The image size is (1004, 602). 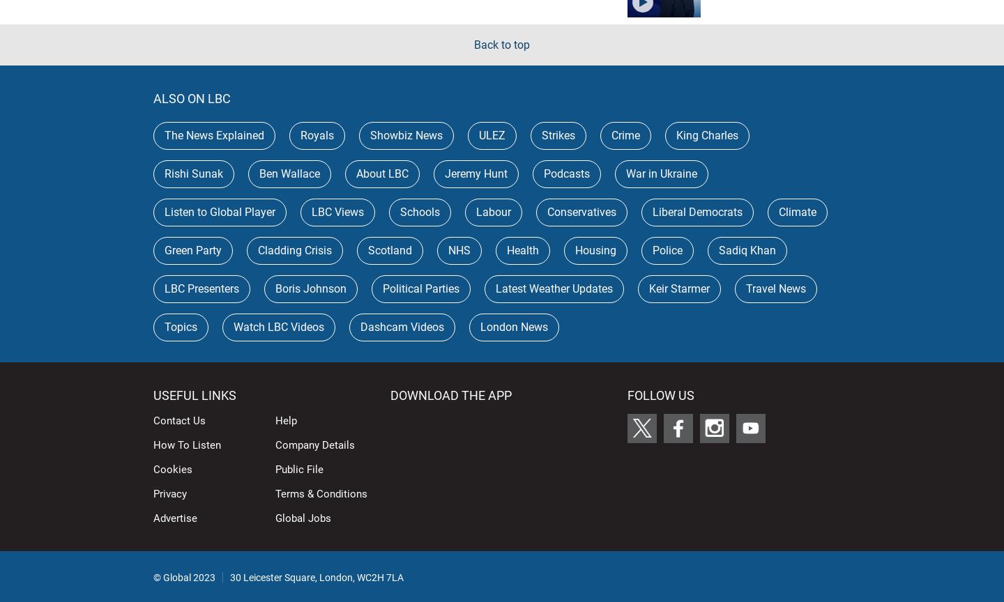 I want to click on 'Housing', so click(x=595, y=249).